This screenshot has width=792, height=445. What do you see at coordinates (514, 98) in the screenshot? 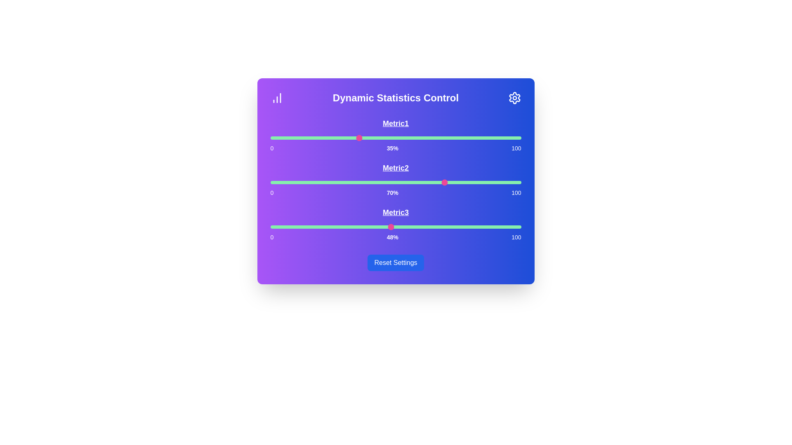
I see `the settings icon in the header` at bounding box center [514, 98].